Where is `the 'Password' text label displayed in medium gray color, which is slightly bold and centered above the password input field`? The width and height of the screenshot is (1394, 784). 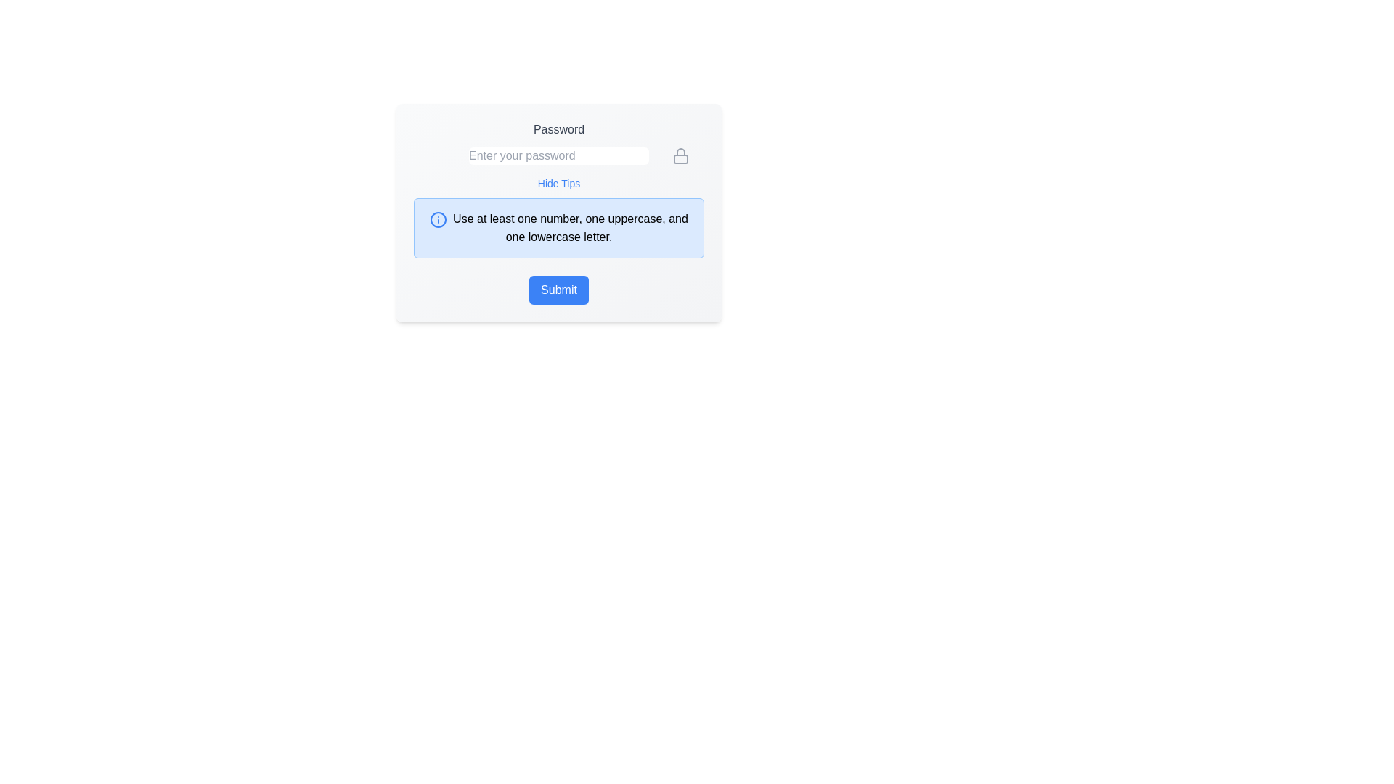
the 'Password' text label displayed in medium gray color, which is slightly bold and centered above the password input field is located at coordinates (558, 128).